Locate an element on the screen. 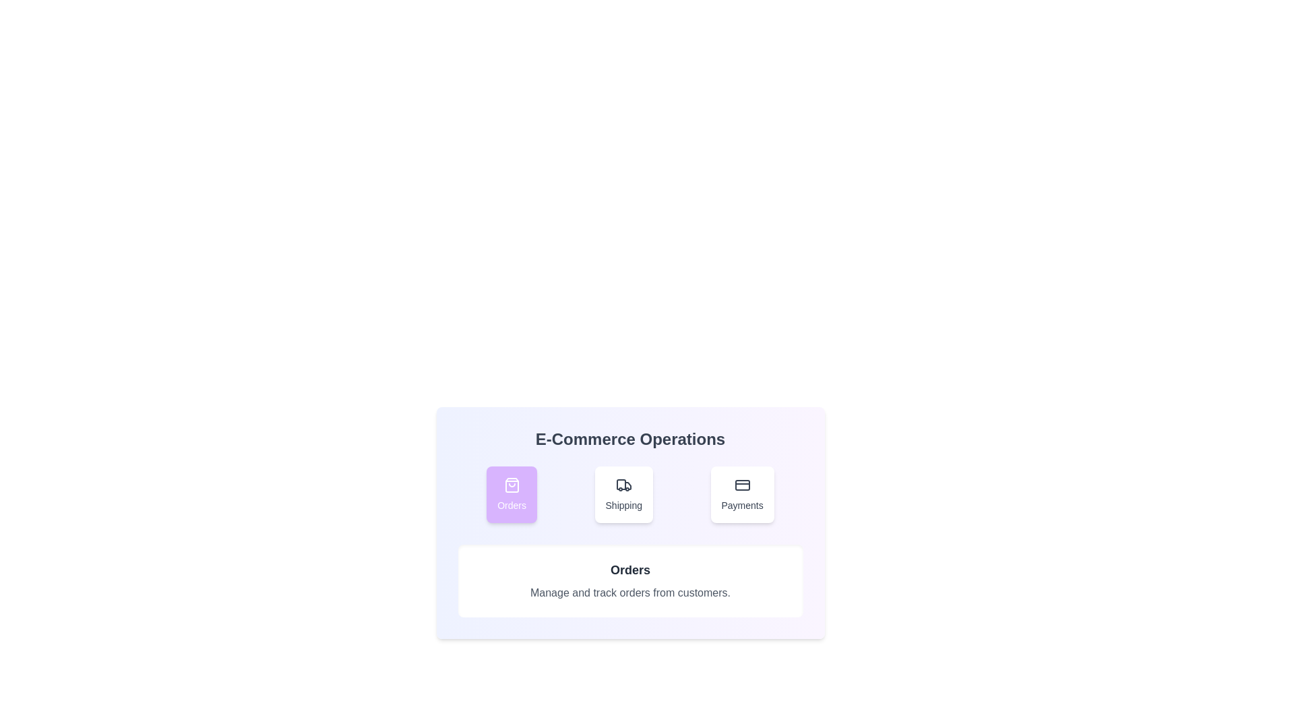 Image resolution: width=1294 pixels, height=728 pixels. text from the label that displays 'Orders', which is centrally aligned below the shopping bag icon within a square card widget is located at coordinates (511, 505).